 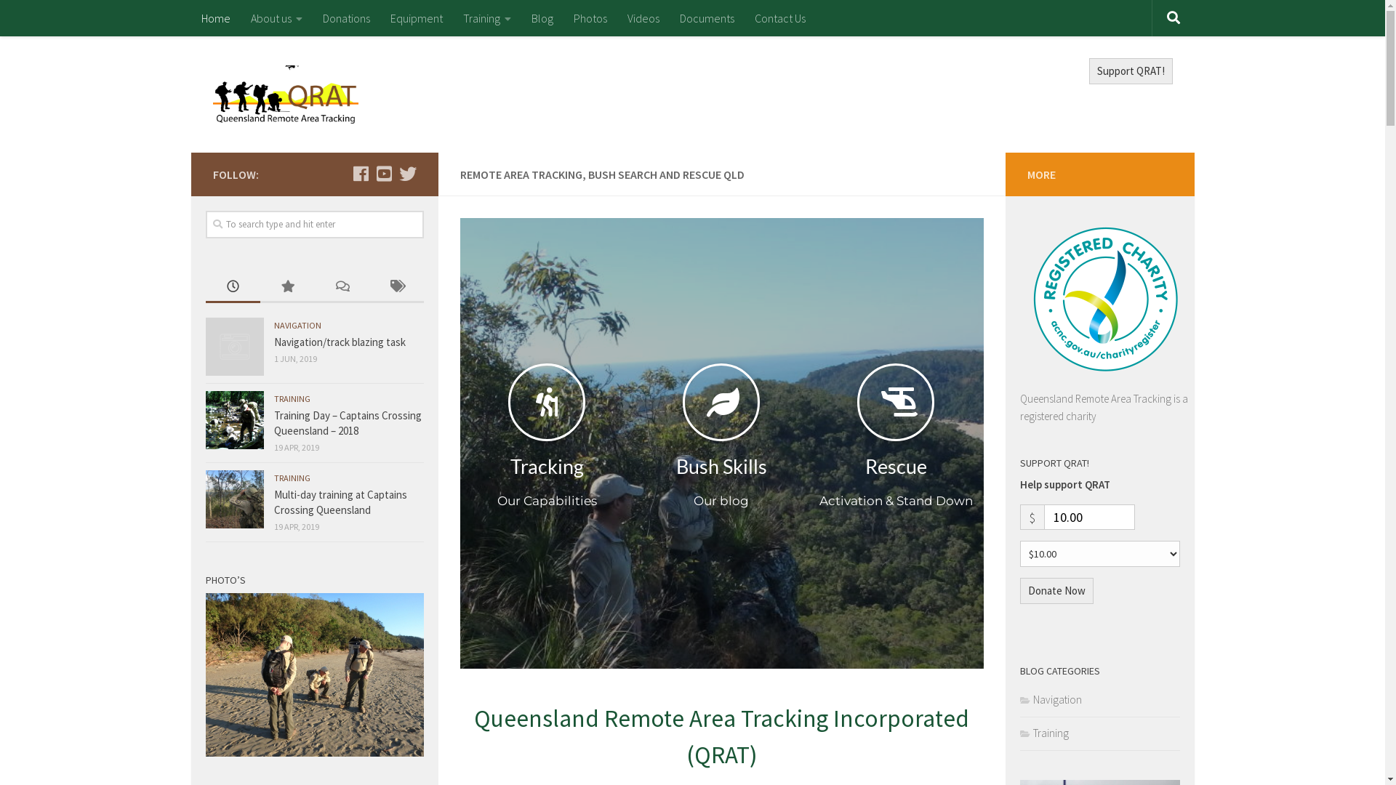 What do you see at coordinates (276, 17) in the screenshot?
I see `'About us'` at bounding box center [276, 17].